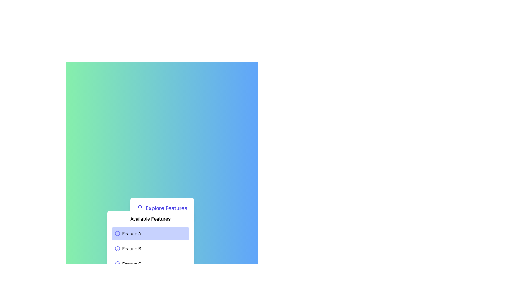 Image resolution: width=519 pixels, height=292 pixels. I want to click on the indigo circular icon with a checkmark located on the left side of the row labeled 'Feature B' in the vertical list, so click(117, 249).